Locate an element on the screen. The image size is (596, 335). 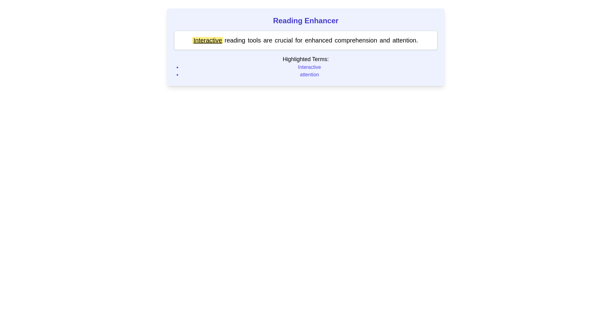
the text label displaying 'Highlighted Terms:' to understand its context as a heading above the list of terms is located at coordinates (305, 59).